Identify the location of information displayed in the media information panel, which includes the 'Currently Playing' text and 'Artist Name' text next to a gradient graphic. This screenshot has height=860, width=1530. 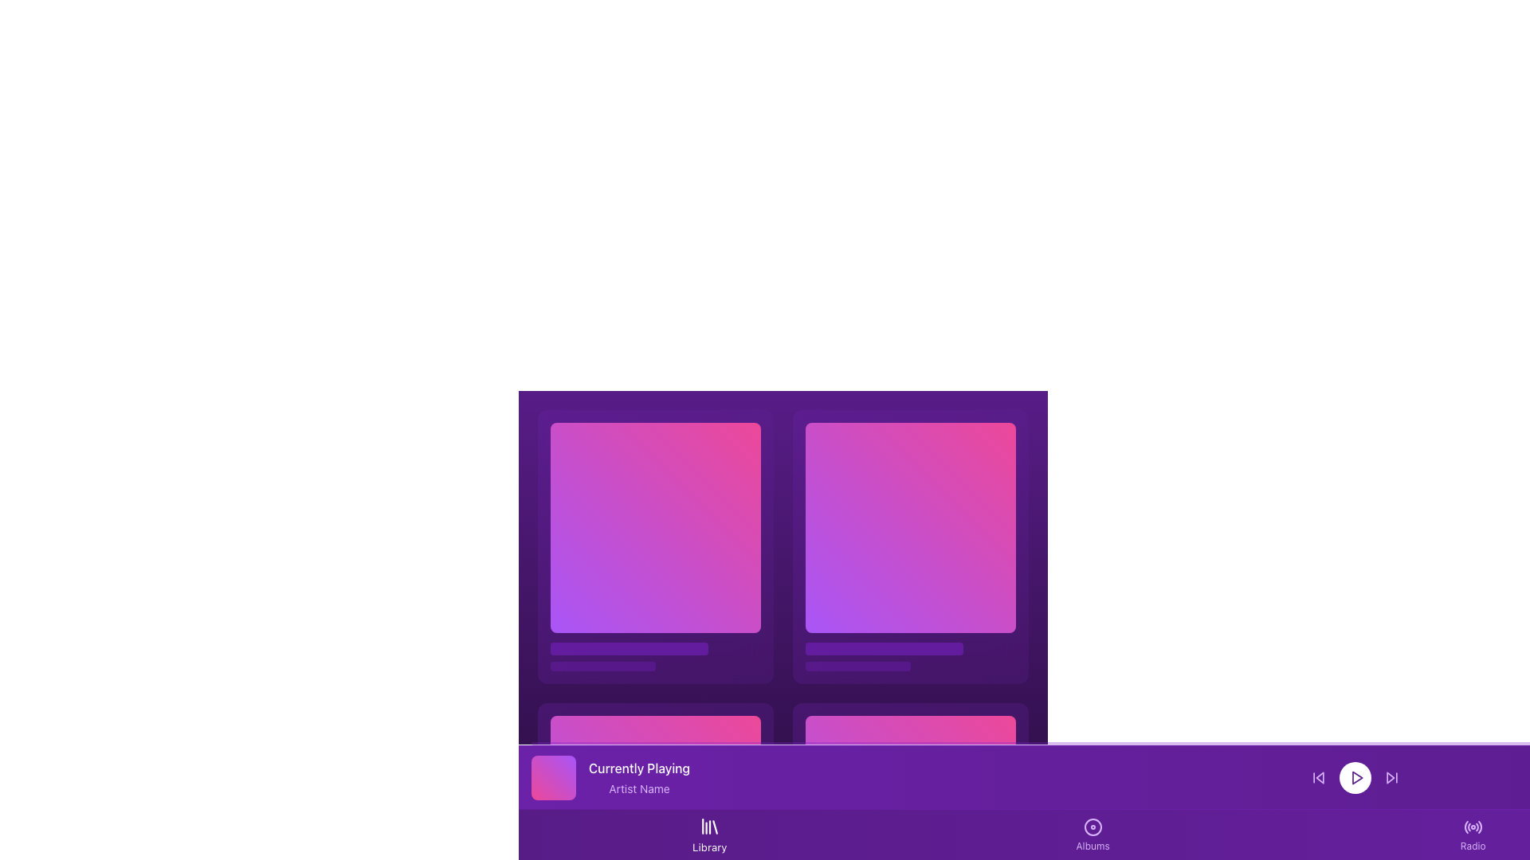
(610, 776).